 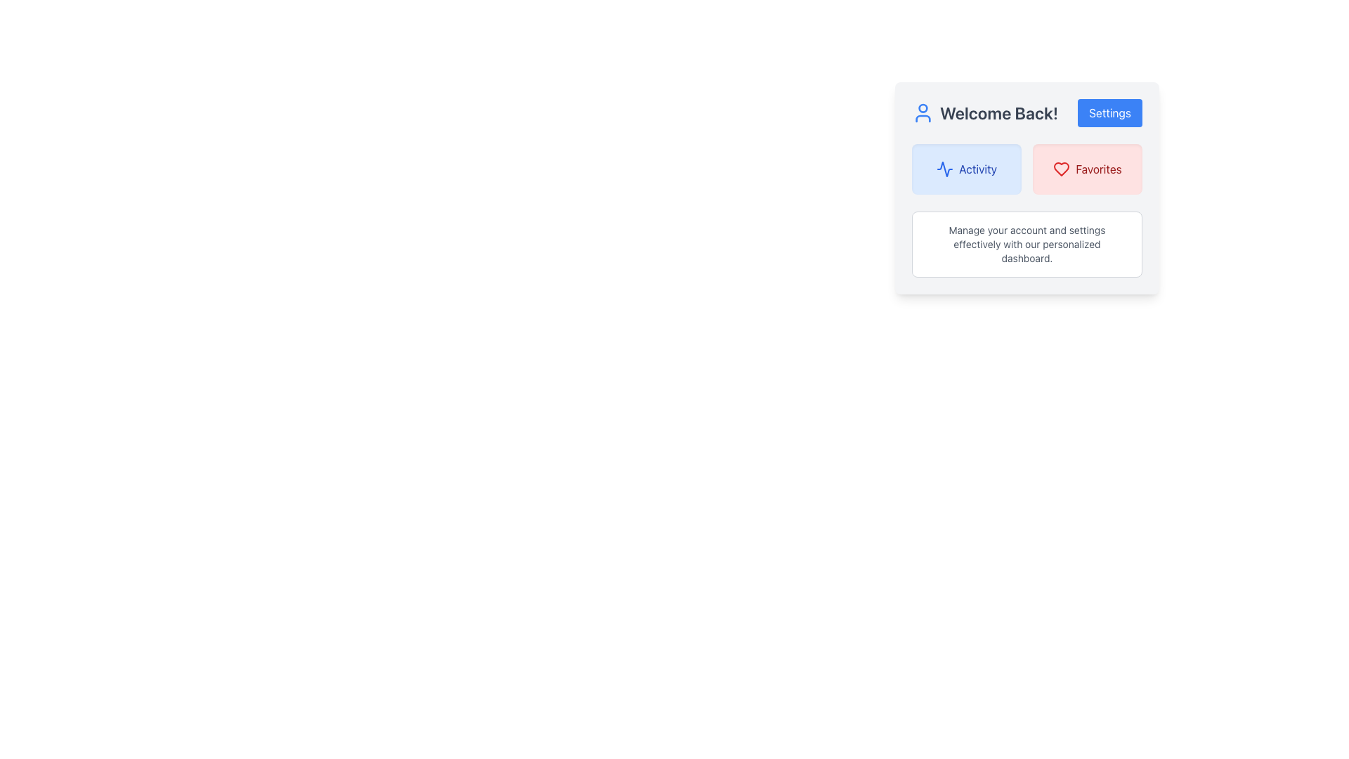 I want to click on the decorative circular graphic element located at the top-left section of the user profile icon, which is part of the greeting card interface, so click(x=923, y=108).